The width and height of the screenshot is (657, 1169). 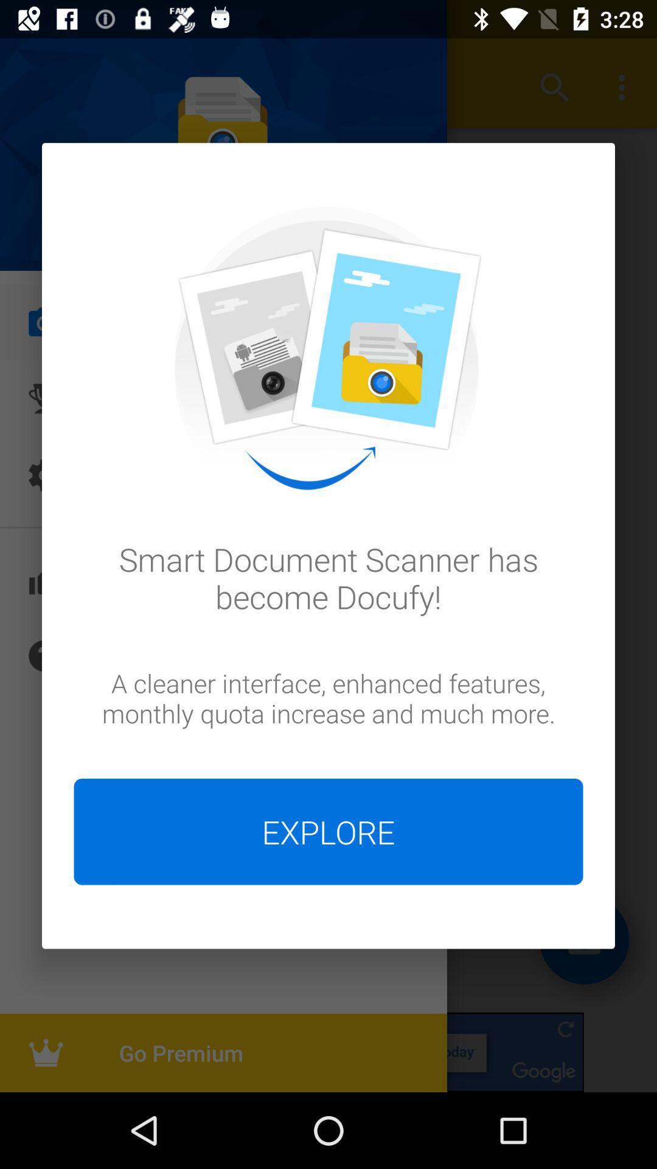 What do you see at coordinates (328, 831) in the screenshot?
I see `explore icon` at bounding box center [328, 831].